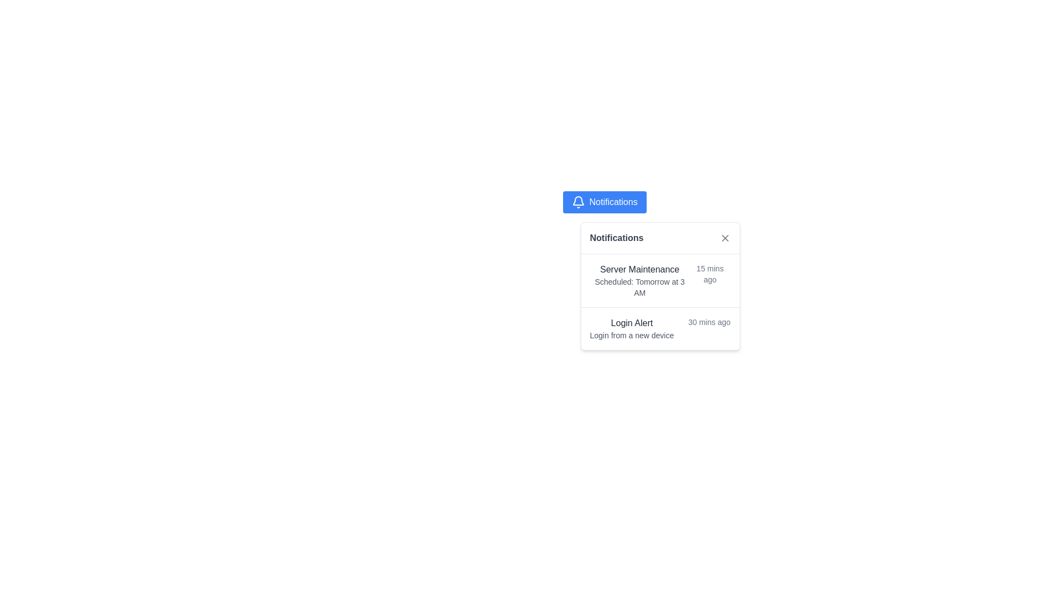 Image resolution: width=1063 pixels, height=597 pixels. Describe the element at coordinates (613, 202) in the screenshot. I see `the 'Notifications' text label` at that location.